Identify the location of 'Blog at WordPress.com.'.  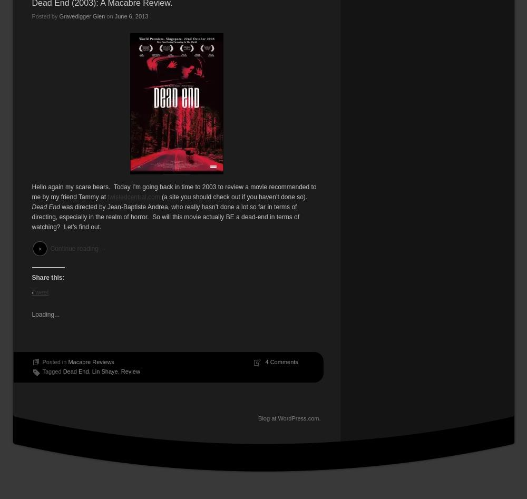
(289, 418).